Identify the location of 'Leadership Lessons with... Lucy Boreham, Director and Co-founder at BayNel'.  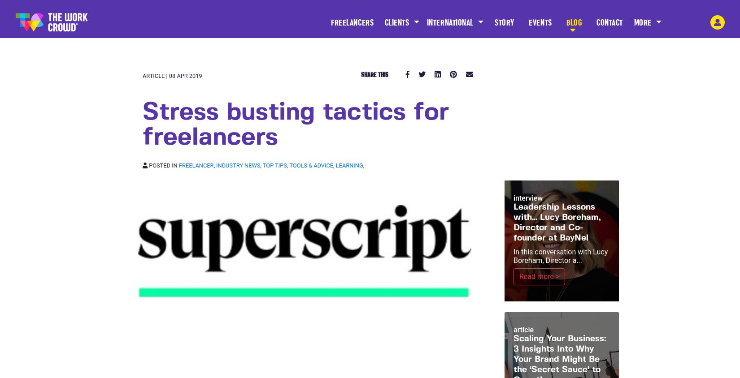
(556, 222).